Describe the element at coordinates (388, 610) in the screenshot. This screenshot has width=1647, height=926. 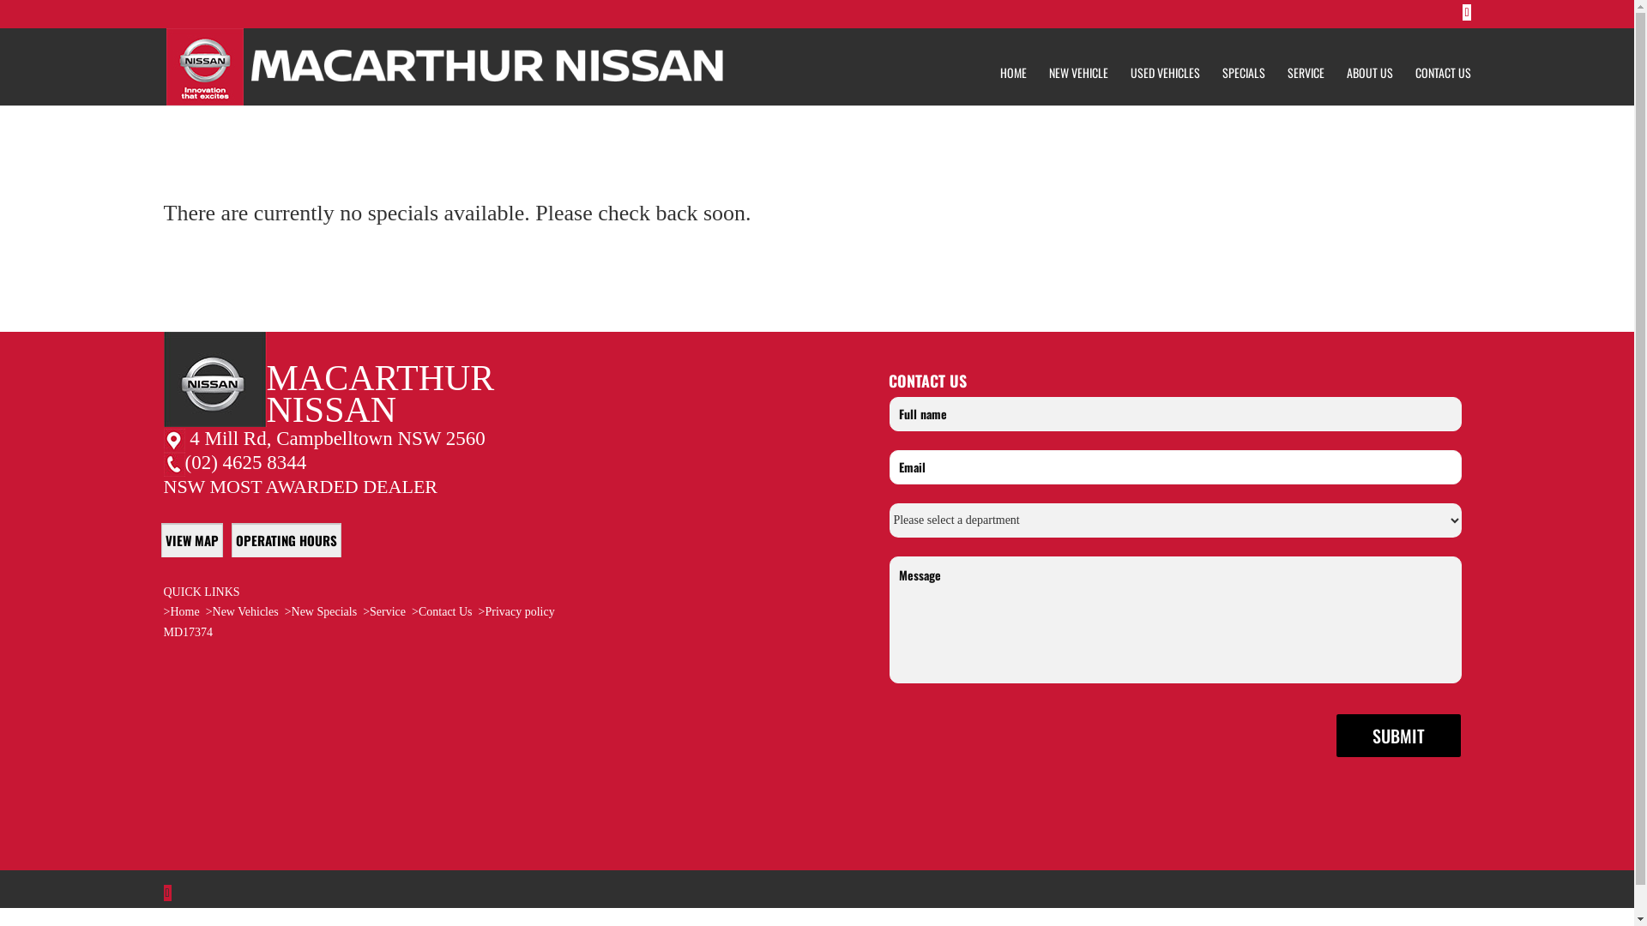
I see `'Service'` at that location.